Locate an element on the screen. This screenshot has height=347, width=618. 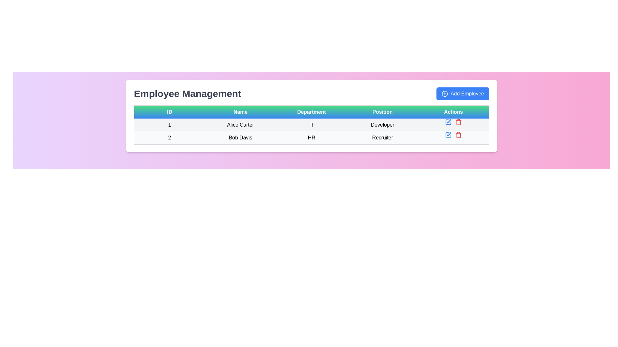
the delete icon in the Interactive Icon Group is located at coordinates (453, 135).